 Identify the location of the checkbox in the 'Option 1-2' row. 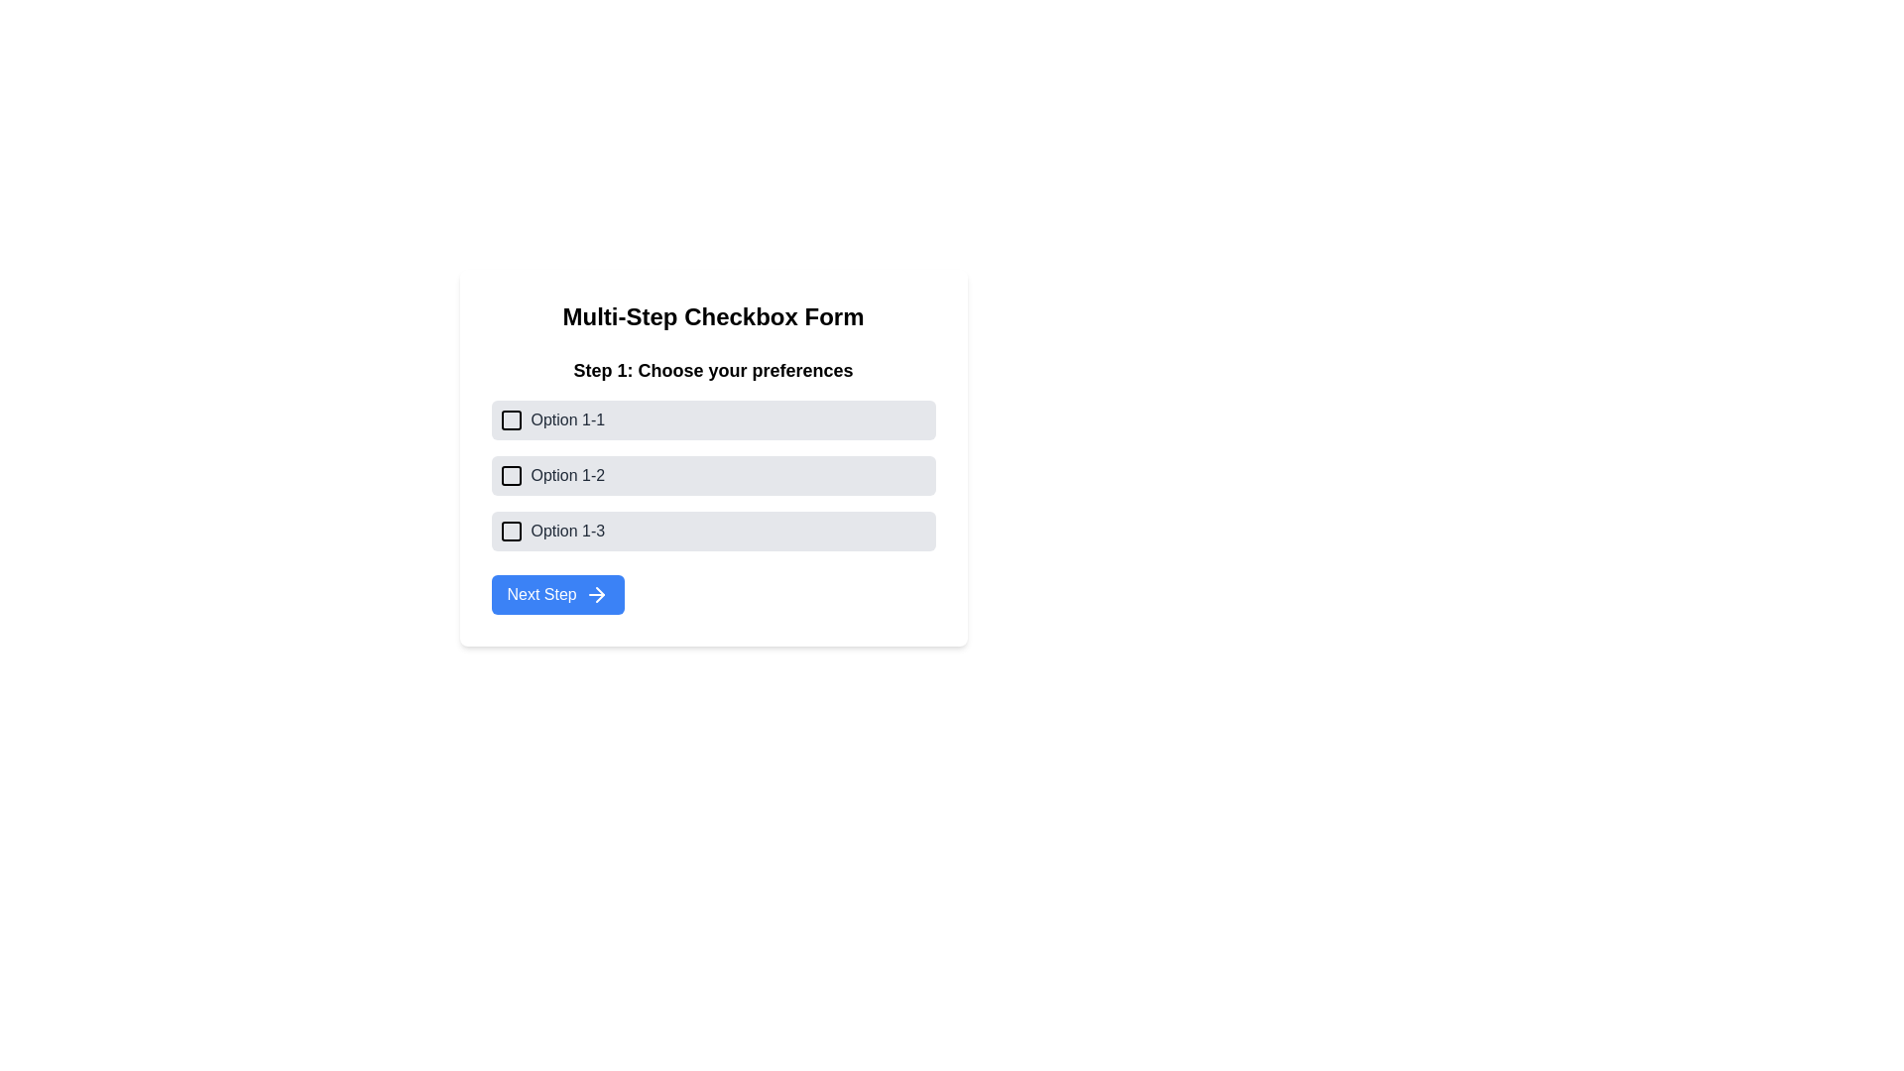
(713, 485).